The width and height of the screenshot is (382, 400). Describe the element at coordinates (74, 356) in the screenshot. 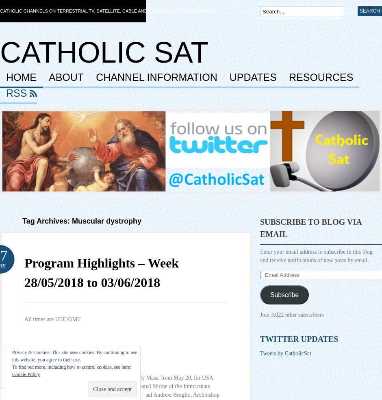

I see `'Privacy & Cookies: This site uses cookies. By continuing to use this website, you agree to their use.'` at that location.